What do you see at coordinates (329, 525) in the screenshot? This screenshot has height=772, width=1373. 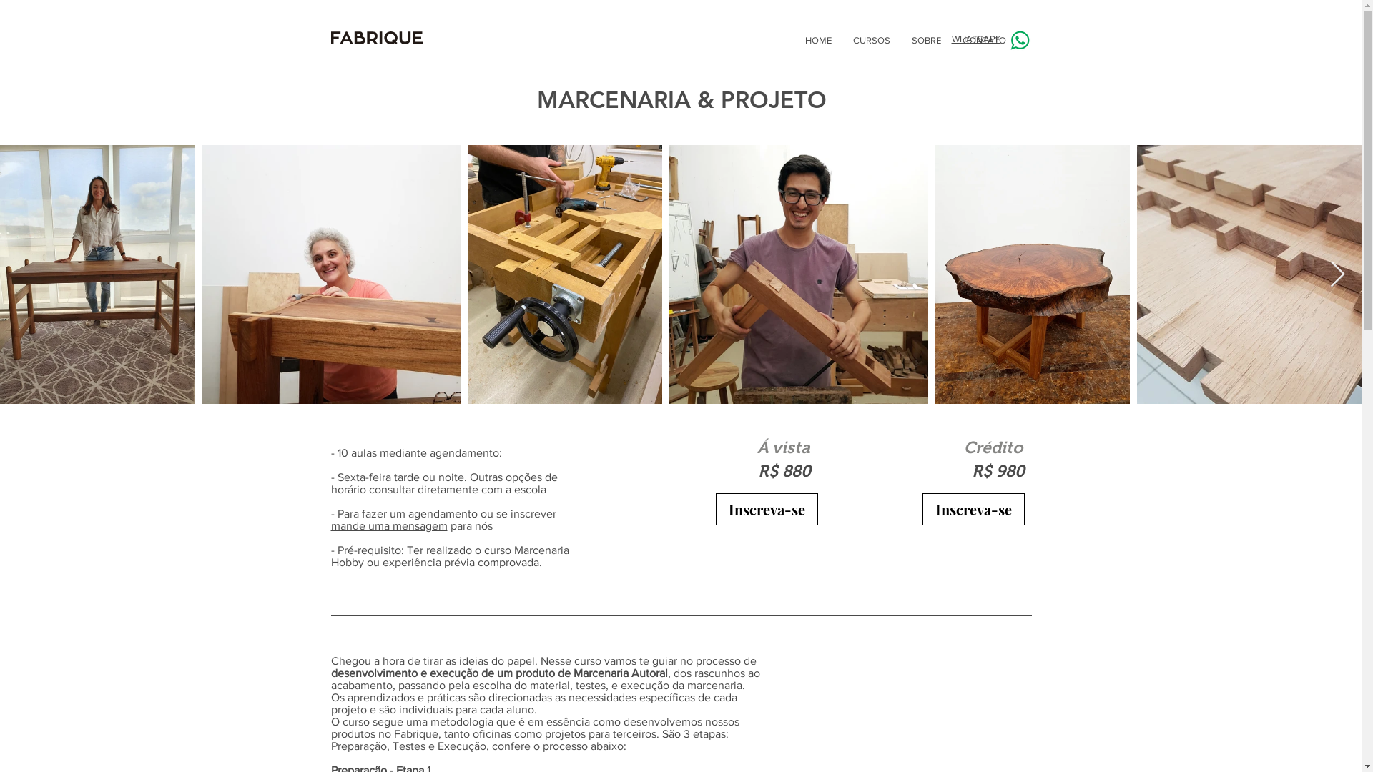 I see `'mande uma mensagem'` at bounding box center [329, 525].